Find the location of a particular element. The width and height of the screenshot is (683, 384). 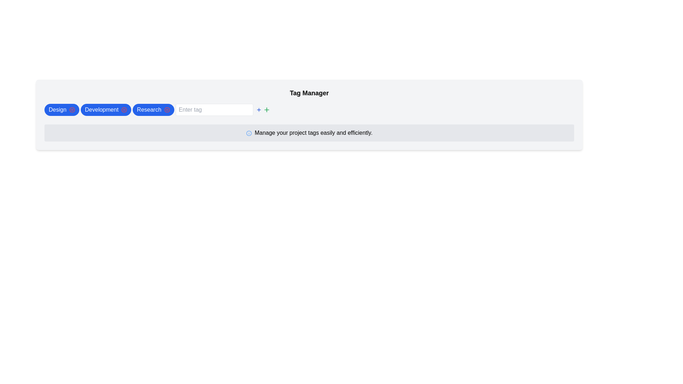

the delete icon located at the rightmost part of the 'Research' button is located at coordinates (166, 110).